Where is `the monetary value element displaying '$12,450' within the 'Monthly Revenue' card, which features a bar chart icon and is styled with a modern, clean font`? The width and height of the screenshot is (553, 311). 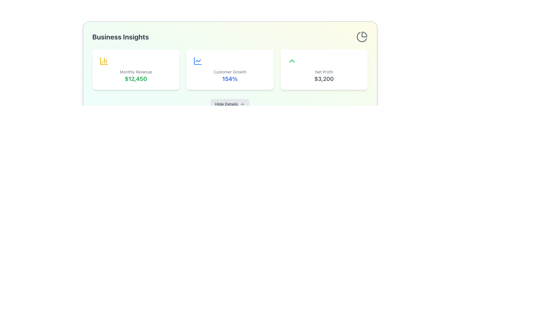
the monetary value element displaying '$12,450' within the 'Monthly Revenue' card, which features a bar chart icon and is styled with a modern, clean font is located at coordinates (135, 79).